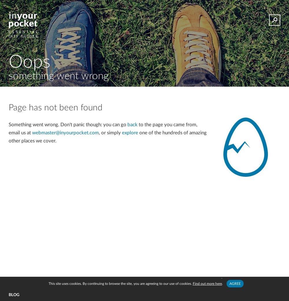  What do you see at coordinates (152, 283) in the screenshot?
I see `'Disclaimer'` at bounding box center [152, 283].